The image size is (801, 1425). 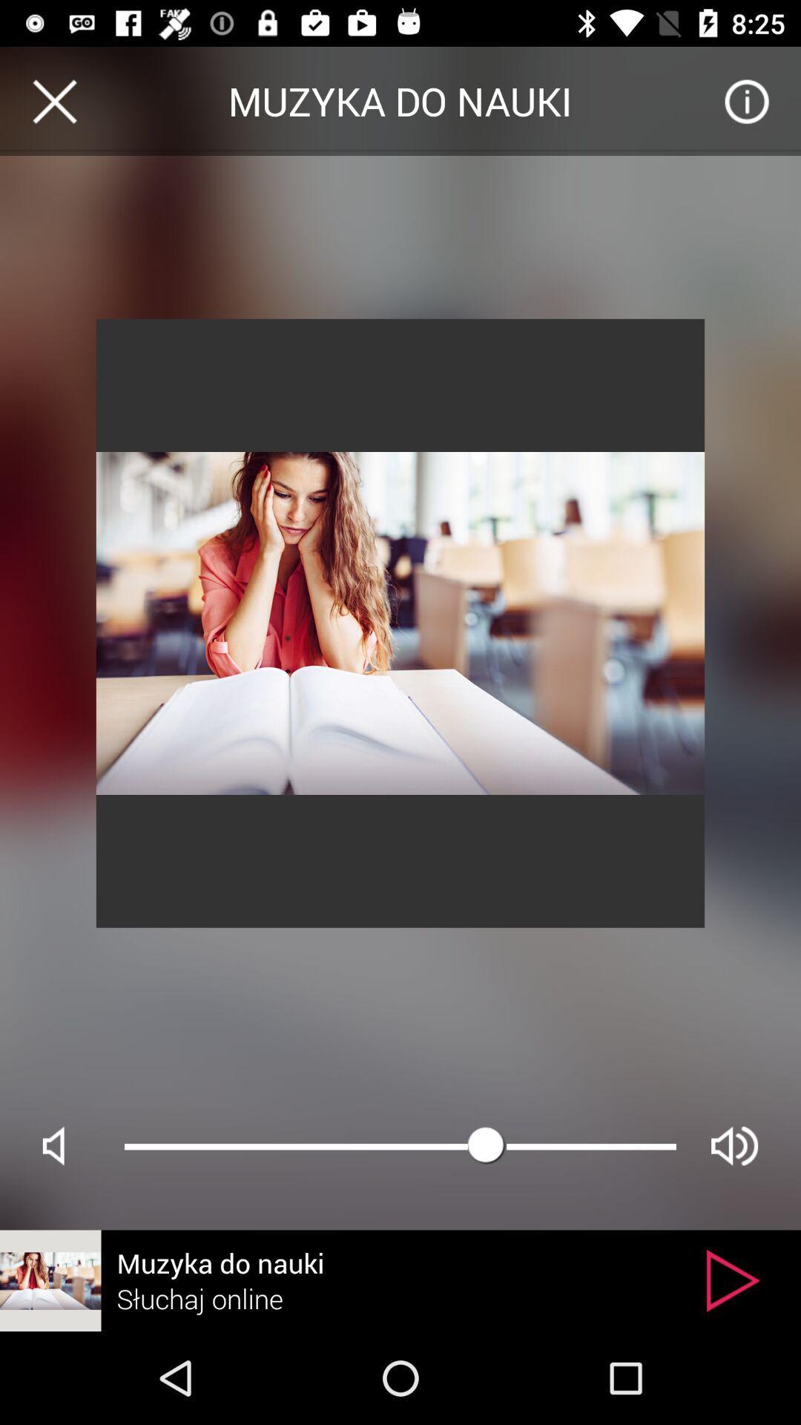 What do you see at coordinates (734, 1145) in the screenshot?
I see `the volume icon` at bounding box center [734, 1145].